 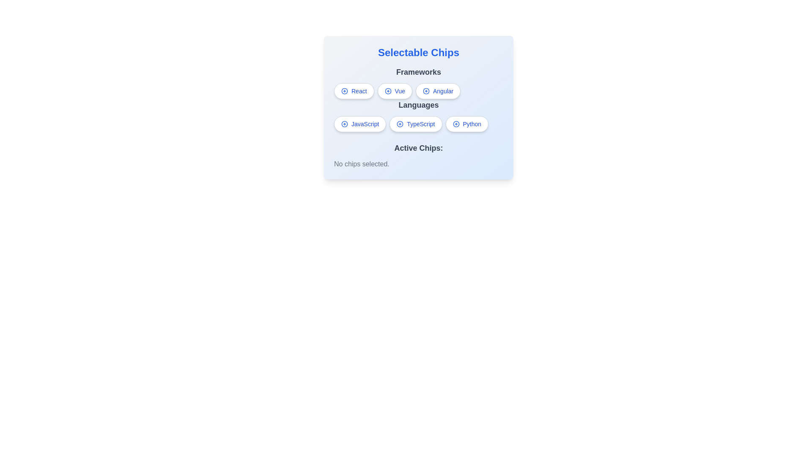 What do you see at coordinates (400, 124) in the screenshot?
I see `the circular shape that enhances the 'TypeScript' chip in the 'Languages' section` at bounding box center [400, 124].